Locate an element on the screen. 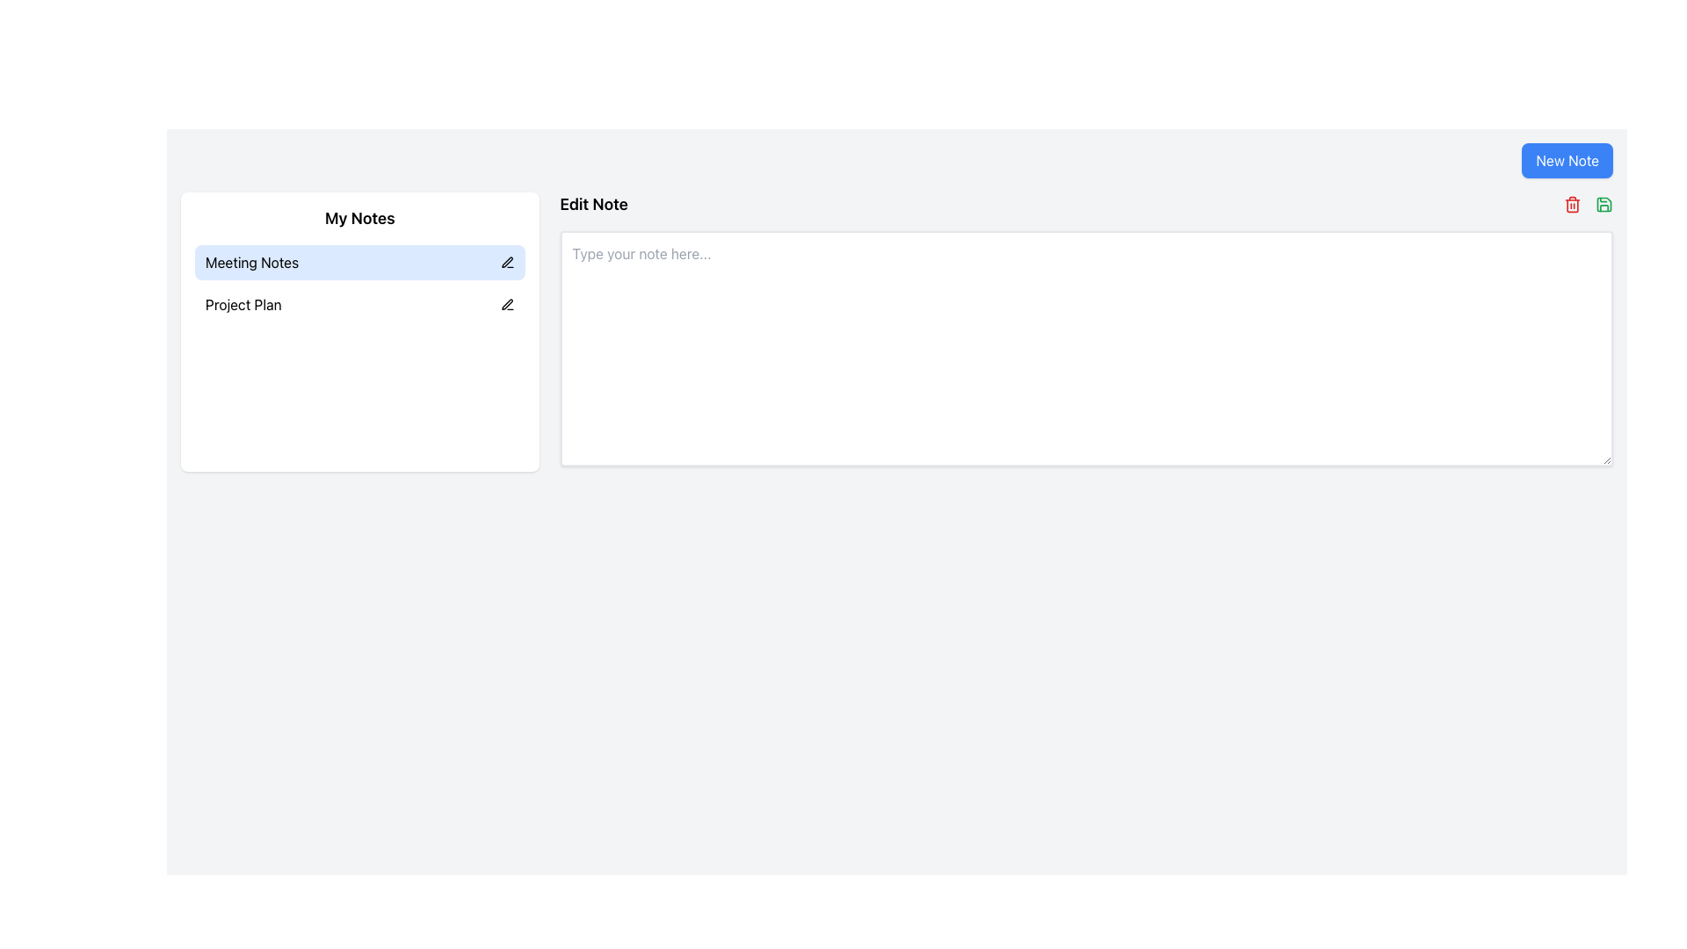  the green save icon located in the top-right corner of the application interface is located at coordinates (1604, 203).